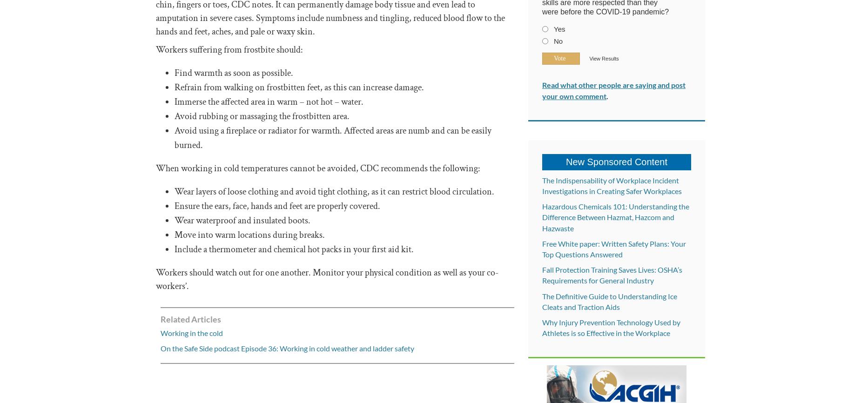 The image size is (861, 403). What do you see at coordinates (558, 41) in the screenshot?
I see `'No'` at bounding box center [558, 41].